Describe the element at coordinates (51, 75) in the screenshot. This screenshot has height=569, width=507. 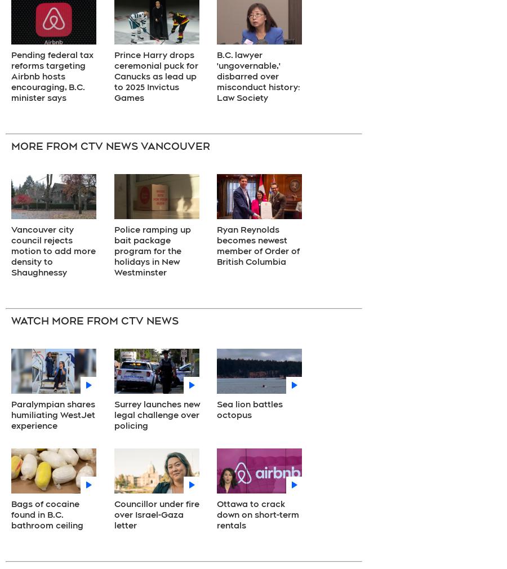
I see `'Pending federal tax reforms targeting Airbnb hosts encouraging, B.C. minister says'` at that location.